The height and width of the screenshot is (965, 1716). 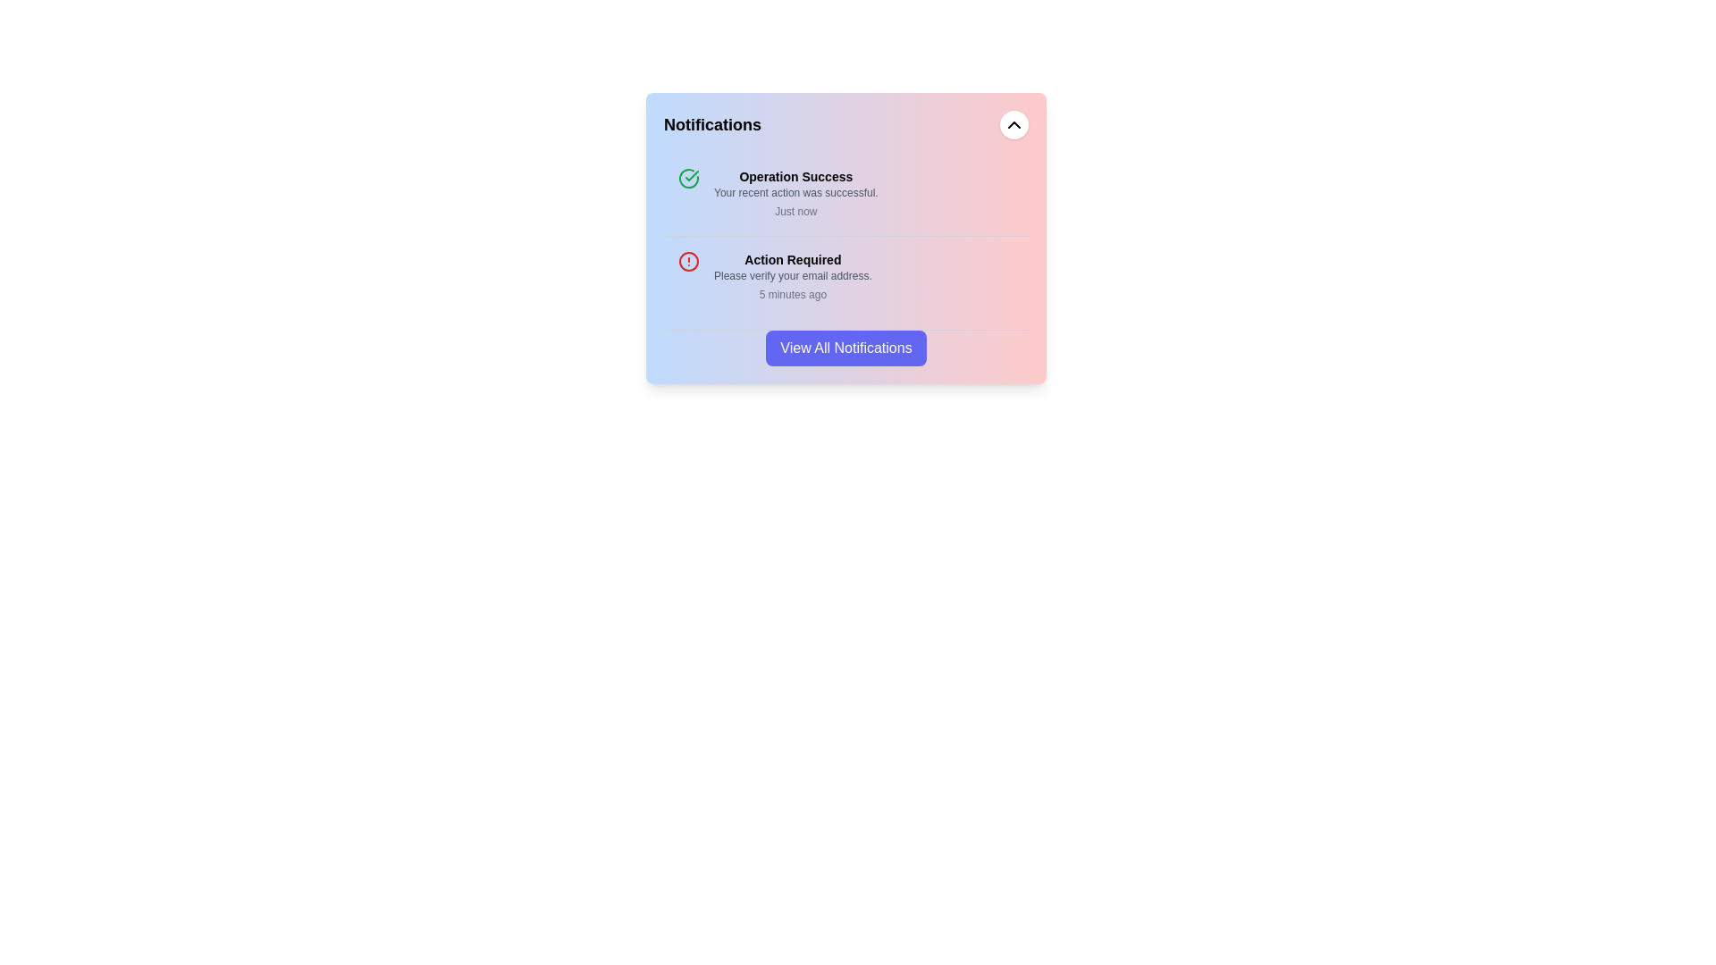 What do you see at coordinates (688, 179) in the screenshot?
I see `the status represented by the success icon located in the 'Operation Success' notification card on the top-left side of the notification component` at bounding box center [688, 179].